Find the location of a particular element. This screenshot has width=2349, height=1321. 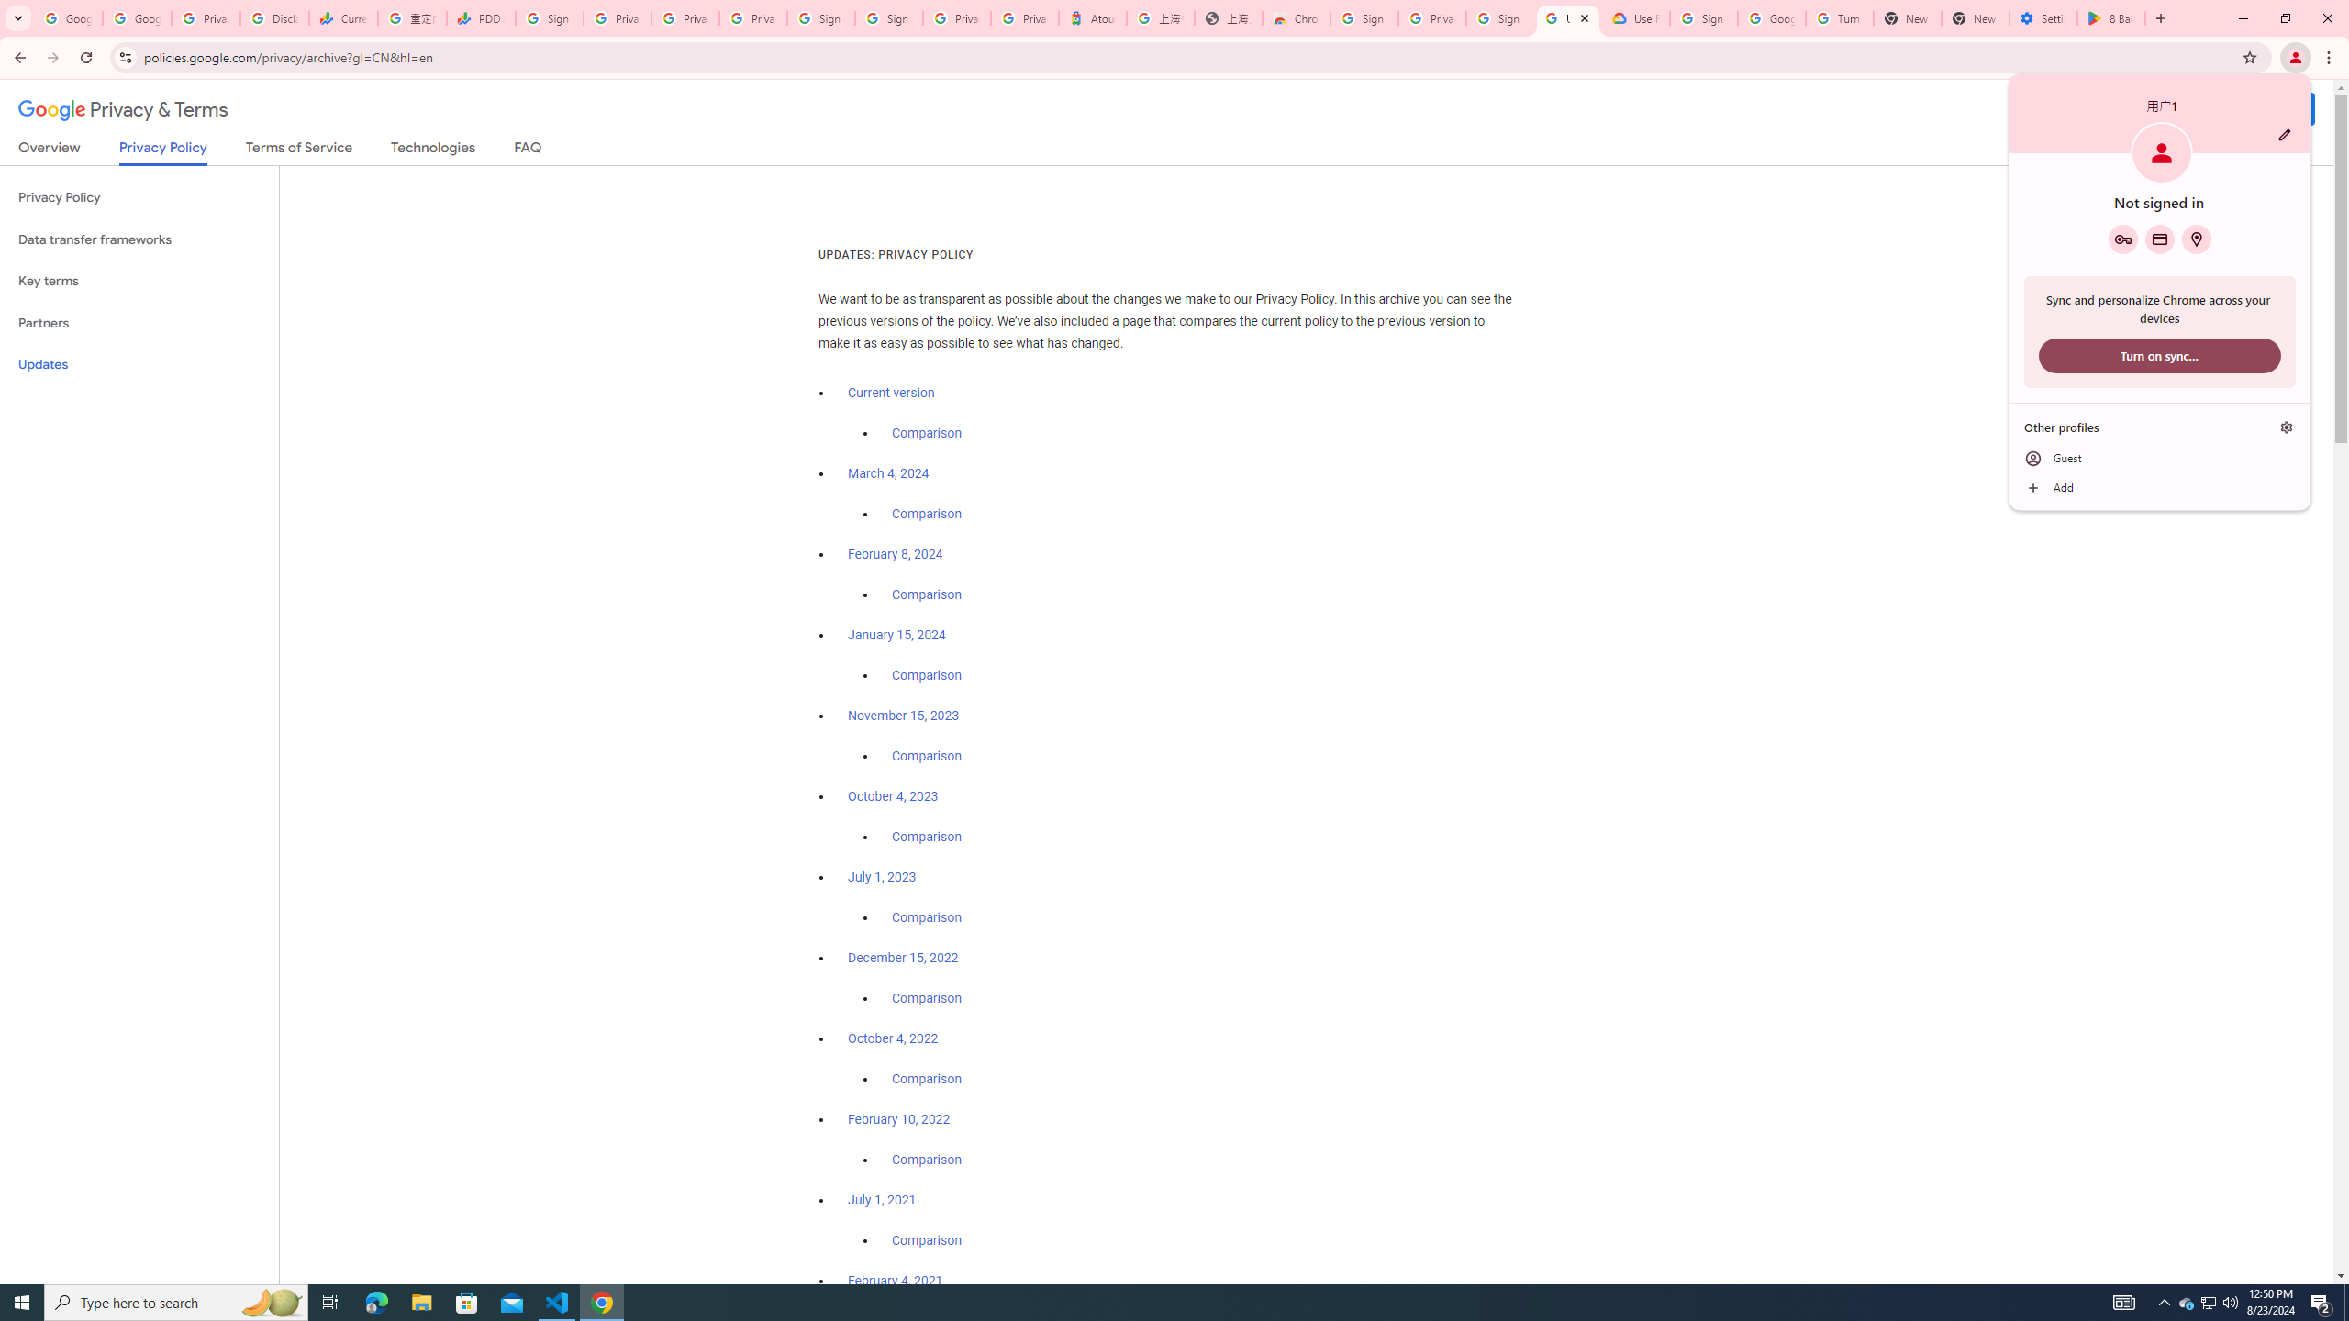

'Data transfer frameworks' is located at coordinates (139, 239).